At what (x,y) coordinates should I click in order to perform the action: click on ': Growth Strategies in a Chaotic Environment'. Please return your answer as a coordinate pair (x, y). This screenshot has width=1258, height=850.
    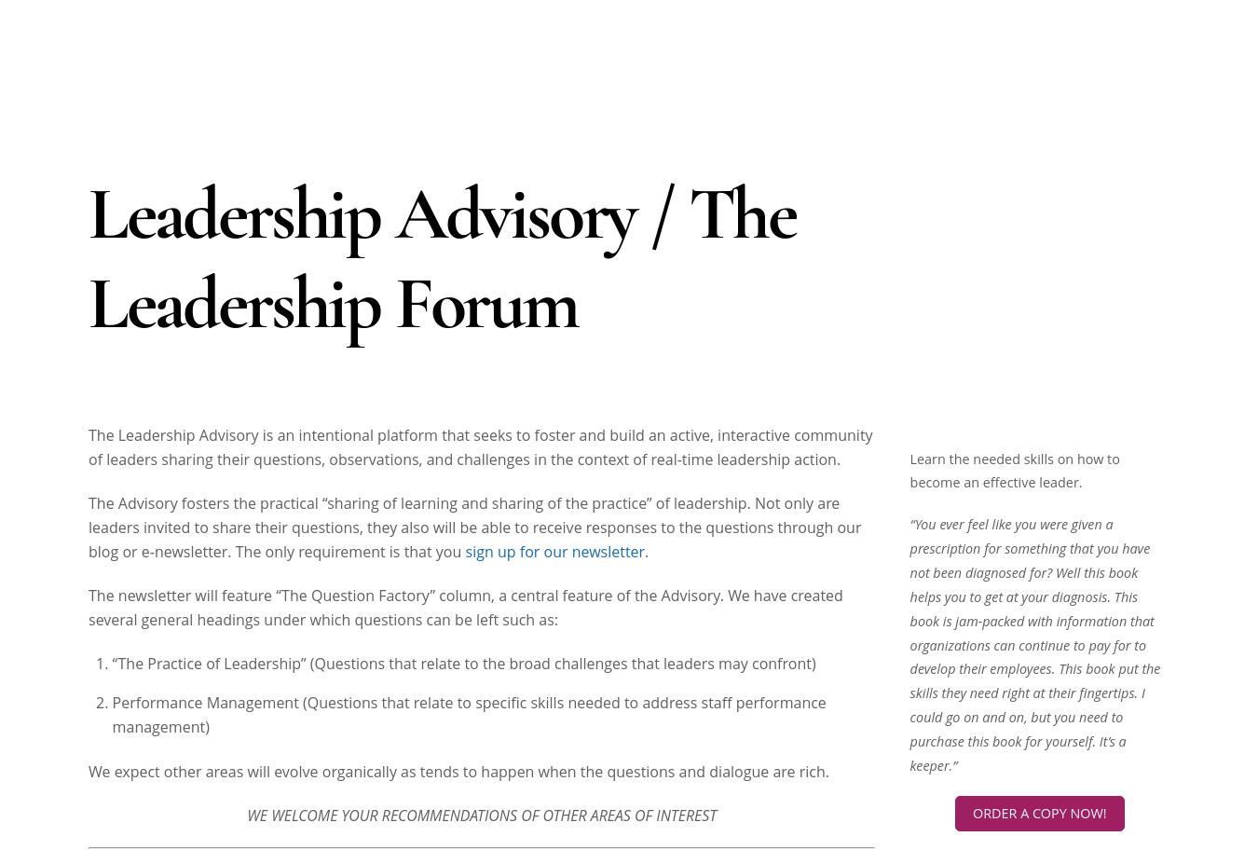
    Looking at the image, I should click on (1024, 28).